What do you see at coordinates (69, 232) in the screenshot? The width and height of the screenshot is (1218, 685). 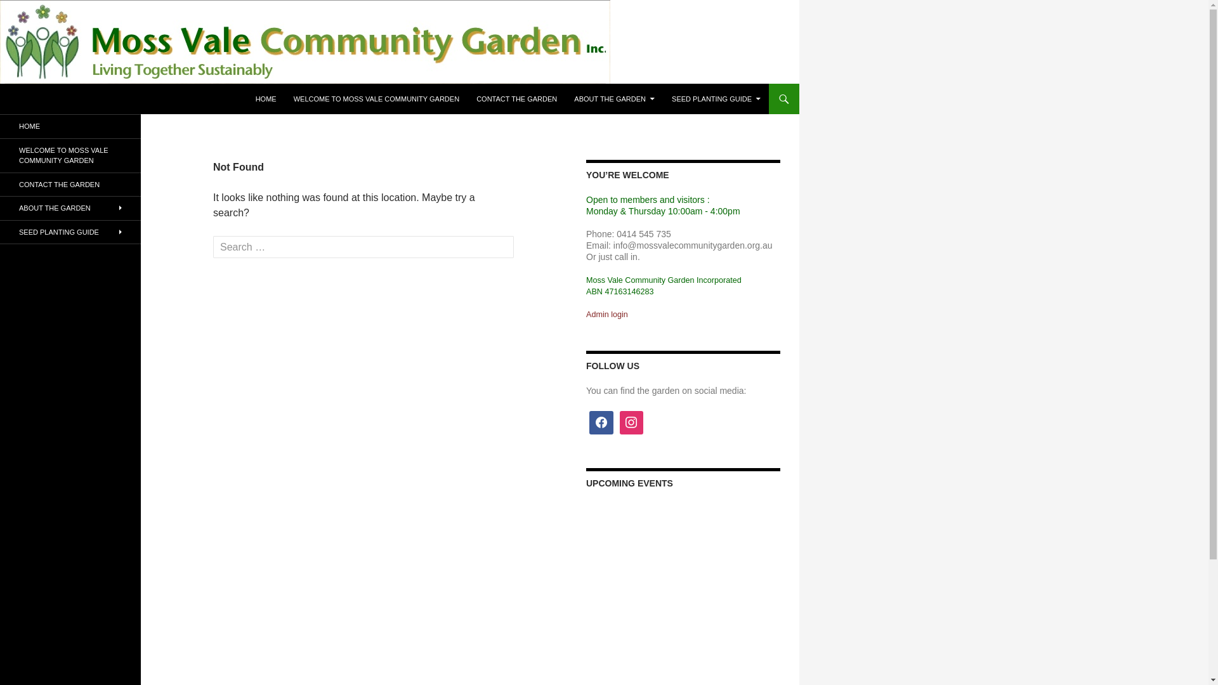 I see `'SEED PLANTING GUIDE'` at bounding box center [69, 232].